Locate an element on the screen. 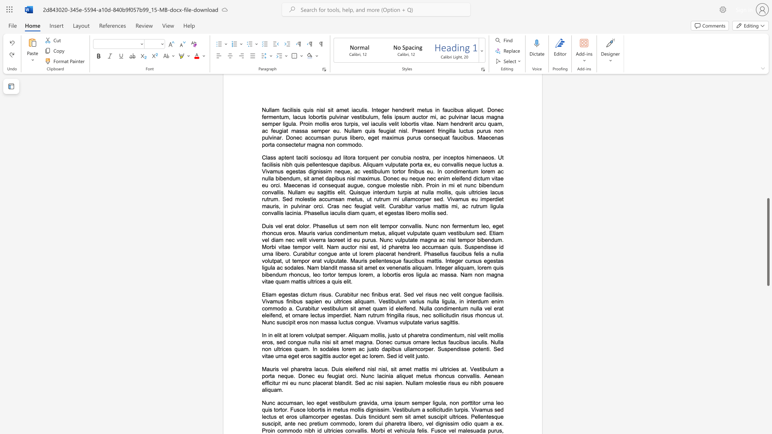 The width and height of the screenshot is (772, 434). the subset text "i est, id pharetra leo accumsan quis. Suspendisse id urna libero. Curabitur congue ante ut lorem placerat hendrerit. Phasellus faucibus felis a nulla volutpat, ut tempor erat vulputate. Mauris pellentesque faucibus mattis. Integer cursus egestas ligula ac sodales. Nam blandit massa sit amet ex venenatis aliquam. Integer aliquam, lorem quis bibendum rhoncus, leo tortor tempus lorem, a lobortis e" within the text "Duis vel erat dolor. Phasellus ut sem non elit tempor convallis. Nunc non fermentum leo, eget rhoncus eros. Mauris varius condimentum metus, aliquet vulputate quam vestibulum sed. Etiam vel diam nec velit viverra laoreet id eu purus. Nunc vulputate magna ac nisl tempor bibendum. Morbi vitae tempor velit. Nam auctor nisi est, id pharetra leo accumsan quis. Suspendisse id urna libero. Curabitur congue ante ut lorem placerat hendrerit. Phasellus faucibus felis a nulla volutpat, ut tempor erat vulputate. Mauris pellentesque faucibus mattis. Integer cursus egestas ligula ac sodales. Nam blandit massa sit amet ex venenatis aliquam. Integer aliquam, lorem quis bibendum rhoncus, leo tortor tempus lorem, a lobortis eros ligula ac massa. Nam non magna vitae quam mattis ultrices a quis elit." is located at coordinates (366, 246).